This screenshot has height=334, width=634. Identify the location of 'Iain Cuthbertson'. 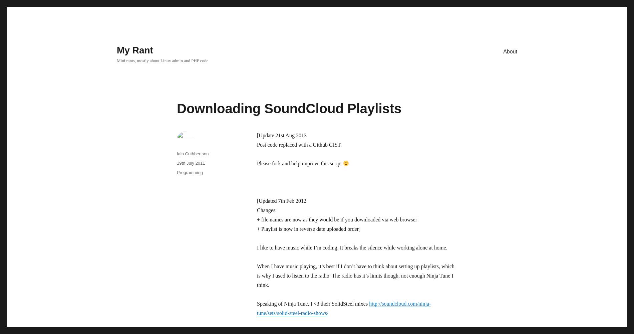
(193, 153).